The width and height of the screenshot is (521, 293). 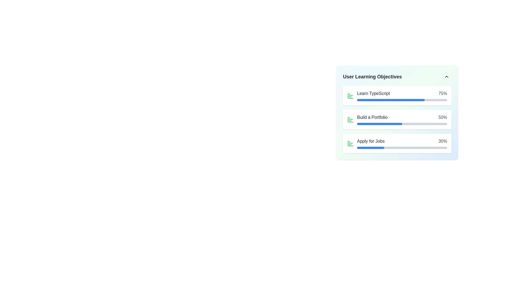 What do you see at coordinates (391, 100) in the screenshot?
I see `the Progress bar fill indicator located next to the 'Learn TypeScript' label and the numerical value '75%' in the 'User Learning Objectives' section` at bounding box center [391, 100].